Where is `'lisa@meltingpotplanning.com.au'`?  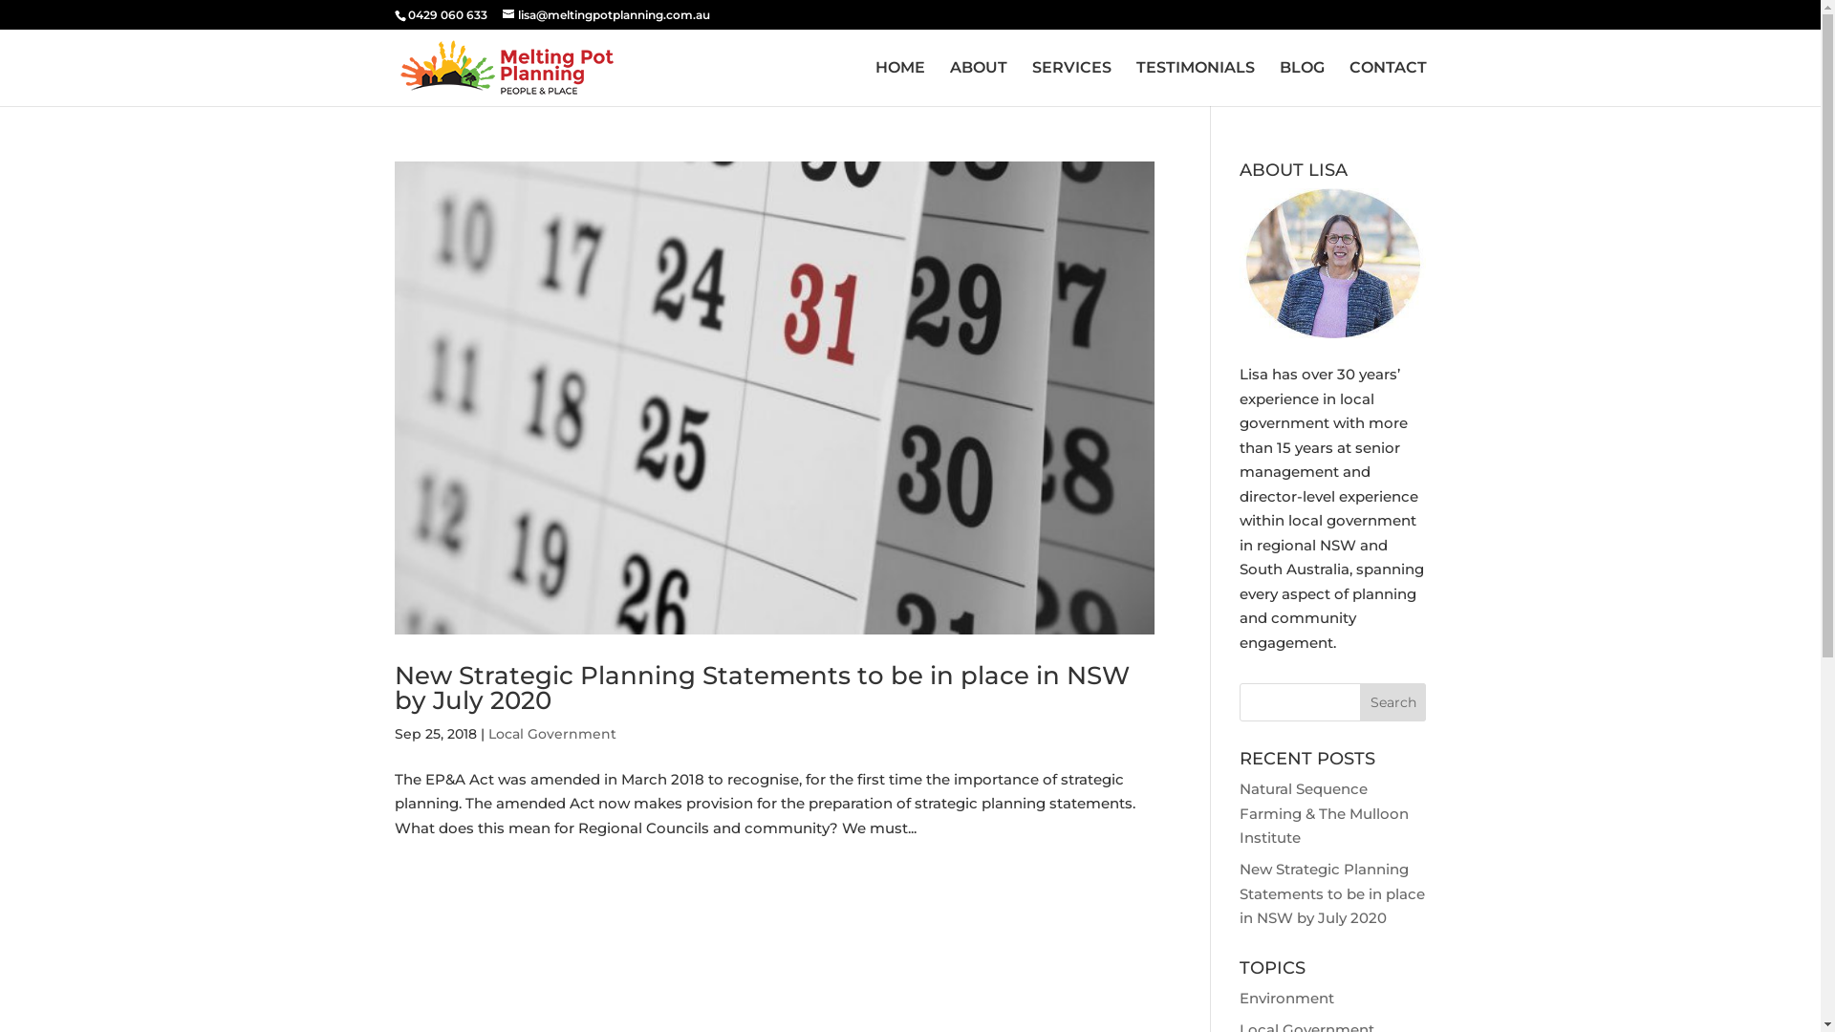 'lisa@meltingpotplanning.com.au' is located at coordinates (605, 14).